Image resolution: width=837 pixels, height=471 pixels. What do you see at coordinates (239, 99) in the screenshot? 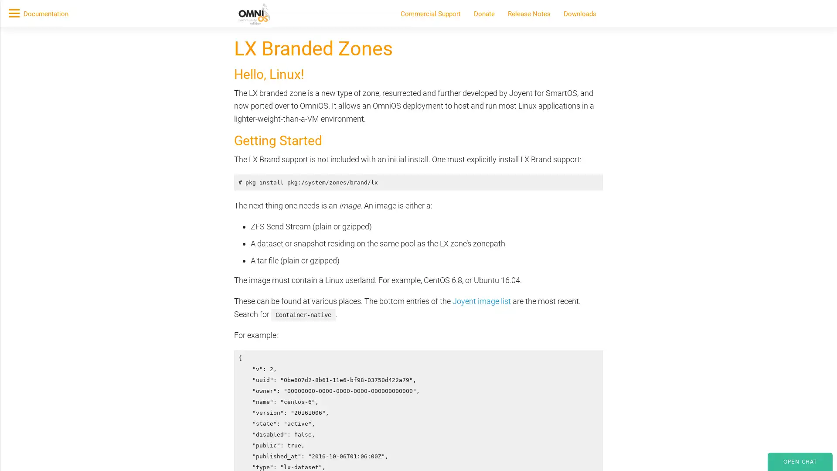
I see `SUBSCRIBE NOW!` at bounding box center [239, 99].